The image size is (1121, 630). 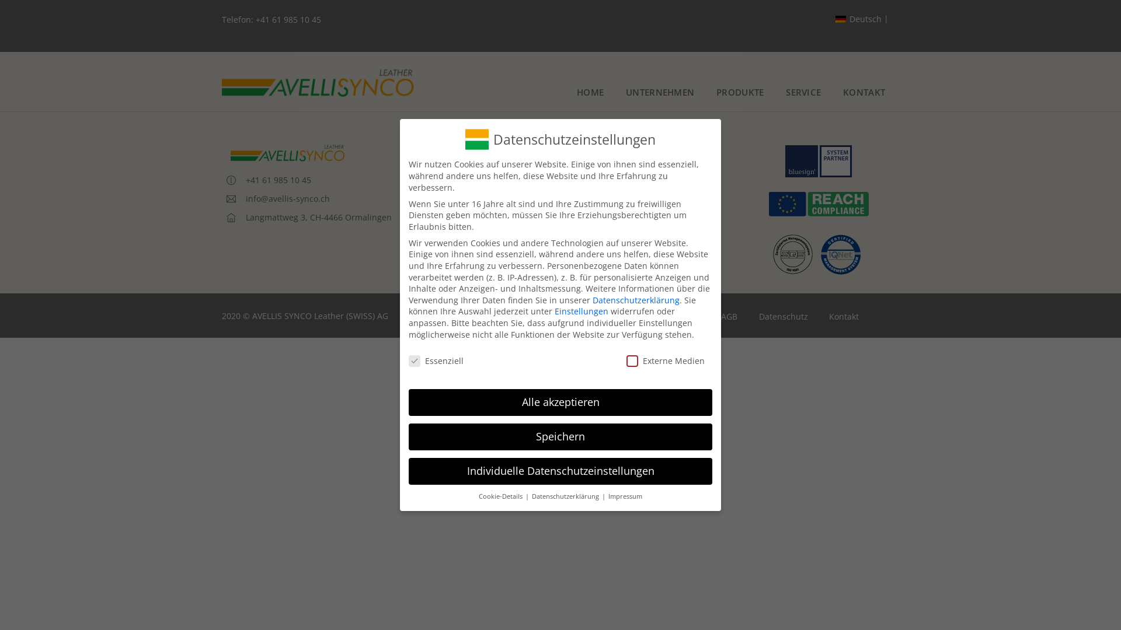 I want to click on 'Avellis Synco Leather Swiss', so click(x=221, y=82).